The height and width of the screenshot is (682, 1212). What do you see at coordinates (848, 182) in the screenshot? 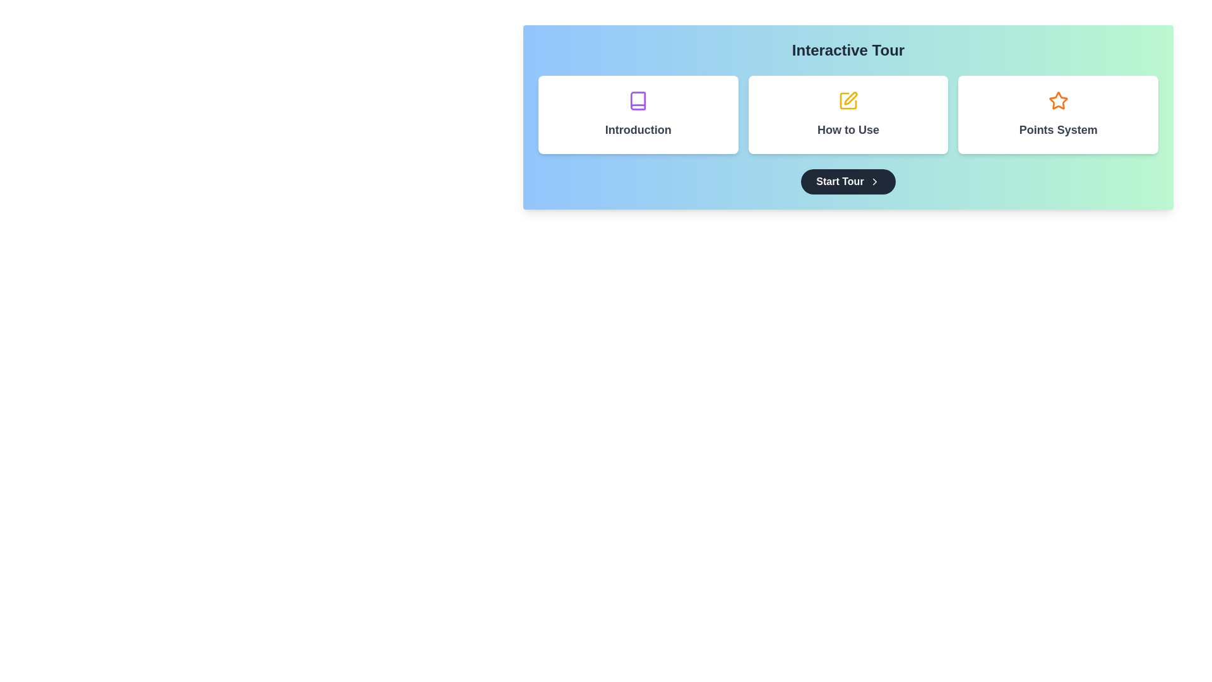
I see `the interactive tour button located below the 'Introduction', 'How to Use', and 'Points System' elements` at bounding box center [848, 182].